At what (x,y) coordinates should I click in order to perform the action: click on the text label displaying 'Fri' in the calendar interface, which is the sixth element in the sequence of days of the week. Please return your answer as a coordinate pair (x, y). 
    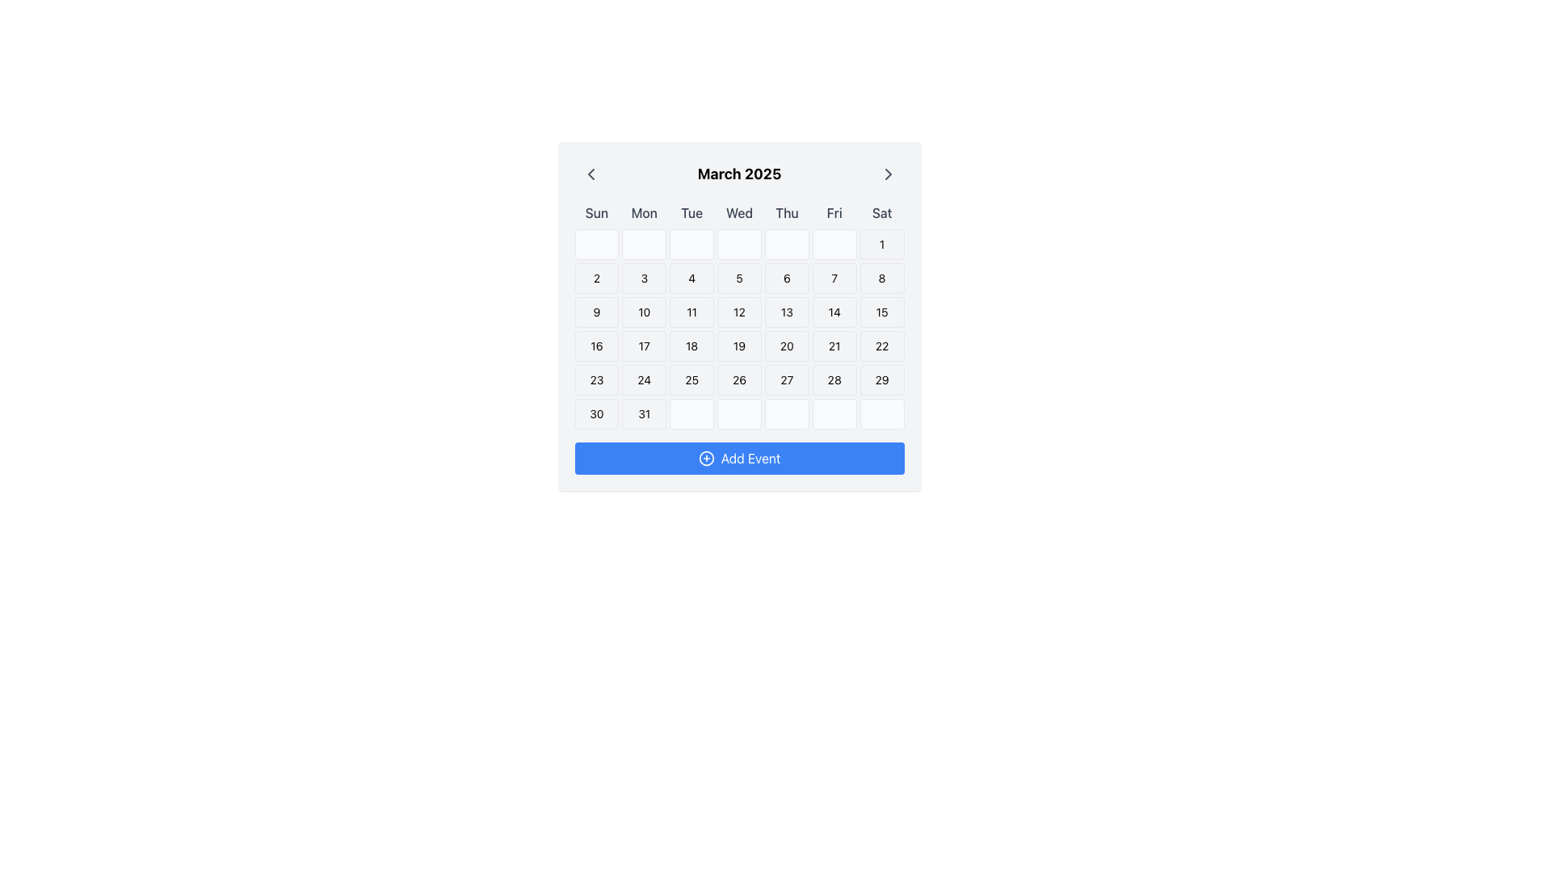
    Looking at the image, I should click on (834, 212).